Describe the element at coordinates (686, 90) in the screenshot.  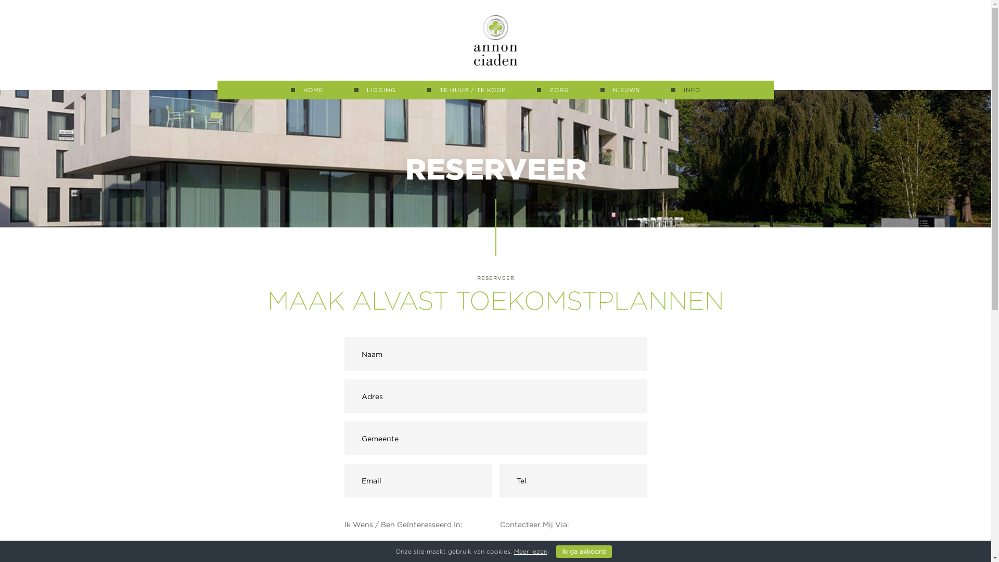
I see `'INFO'` at that location.